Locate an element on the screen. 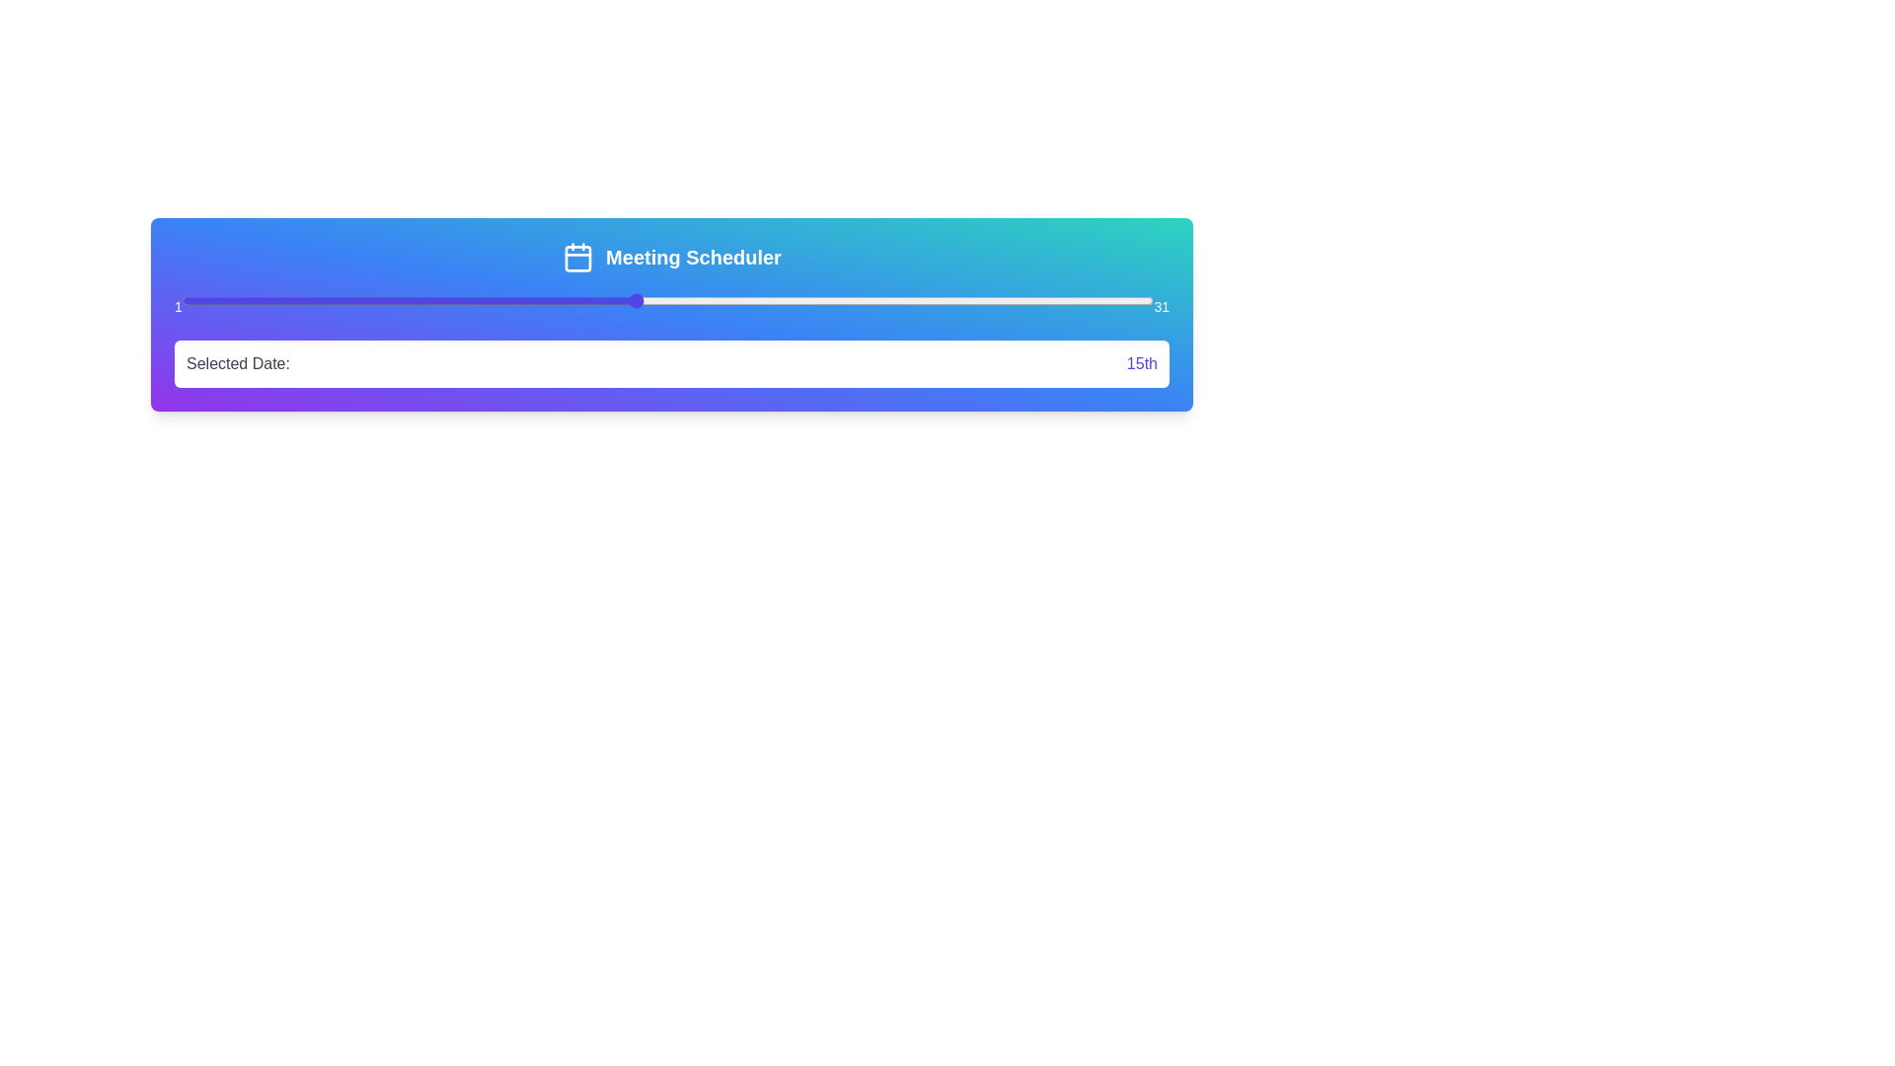 Image resolution: width=1895 pixels, height=1066 pixels. the bold text label 'Meeting Scheduler' displayed in white font on a blue-green gradient background, located centrally in the upper section of the interface is located at coordinates (693, 257).